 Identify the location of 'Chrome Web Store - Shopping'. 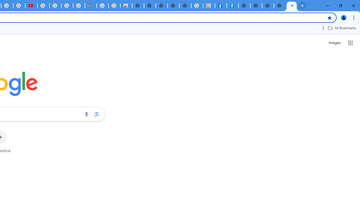
(126, 6).